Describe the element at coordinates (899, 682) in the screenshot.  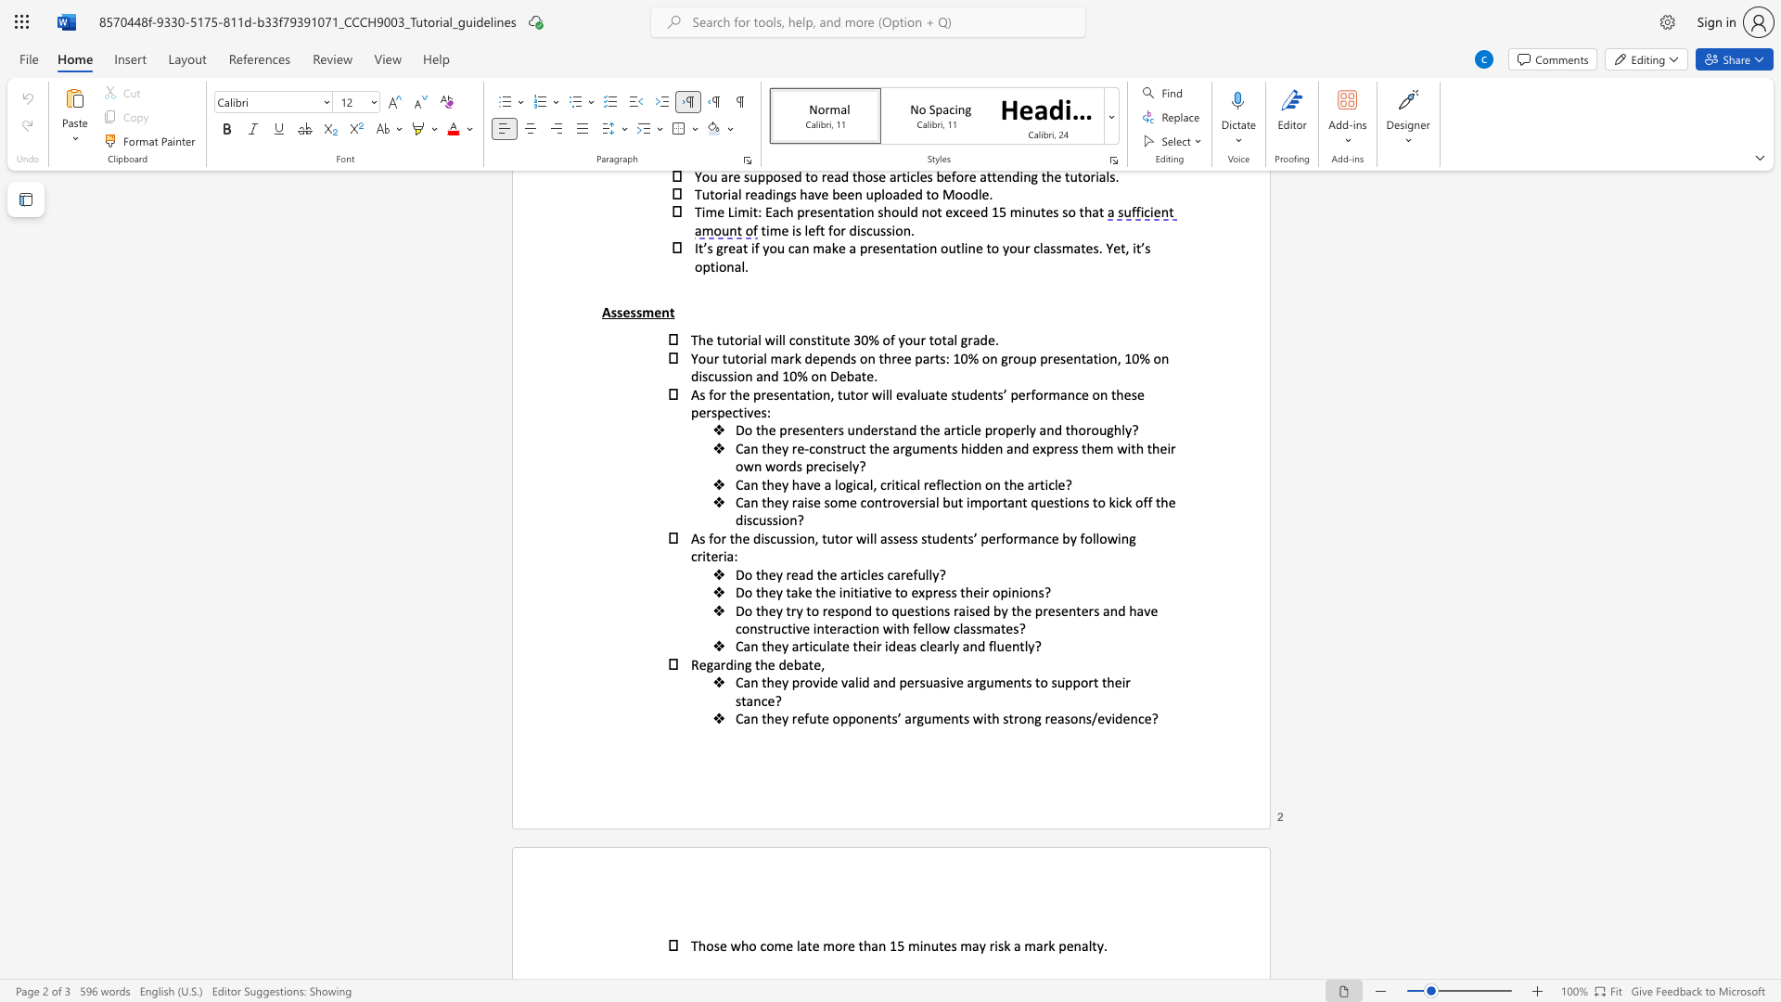
I see `the subset text "persuasive arguments to support their st" within the text "Can they provide valid and persuasive arguments to support their stance?"` at that location.